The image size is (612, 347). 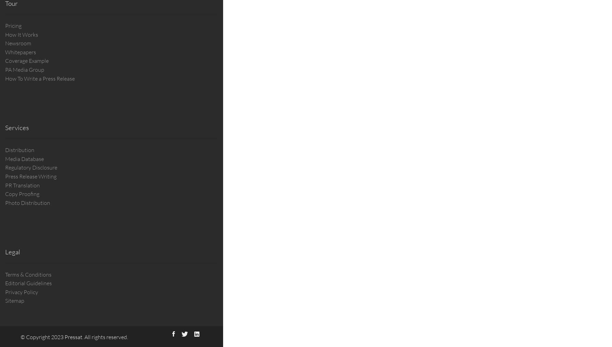 What do you see at coordinates (5, 61) in the screenshot?
I see `'Coverage Example'` at bounding box center [5, 61].